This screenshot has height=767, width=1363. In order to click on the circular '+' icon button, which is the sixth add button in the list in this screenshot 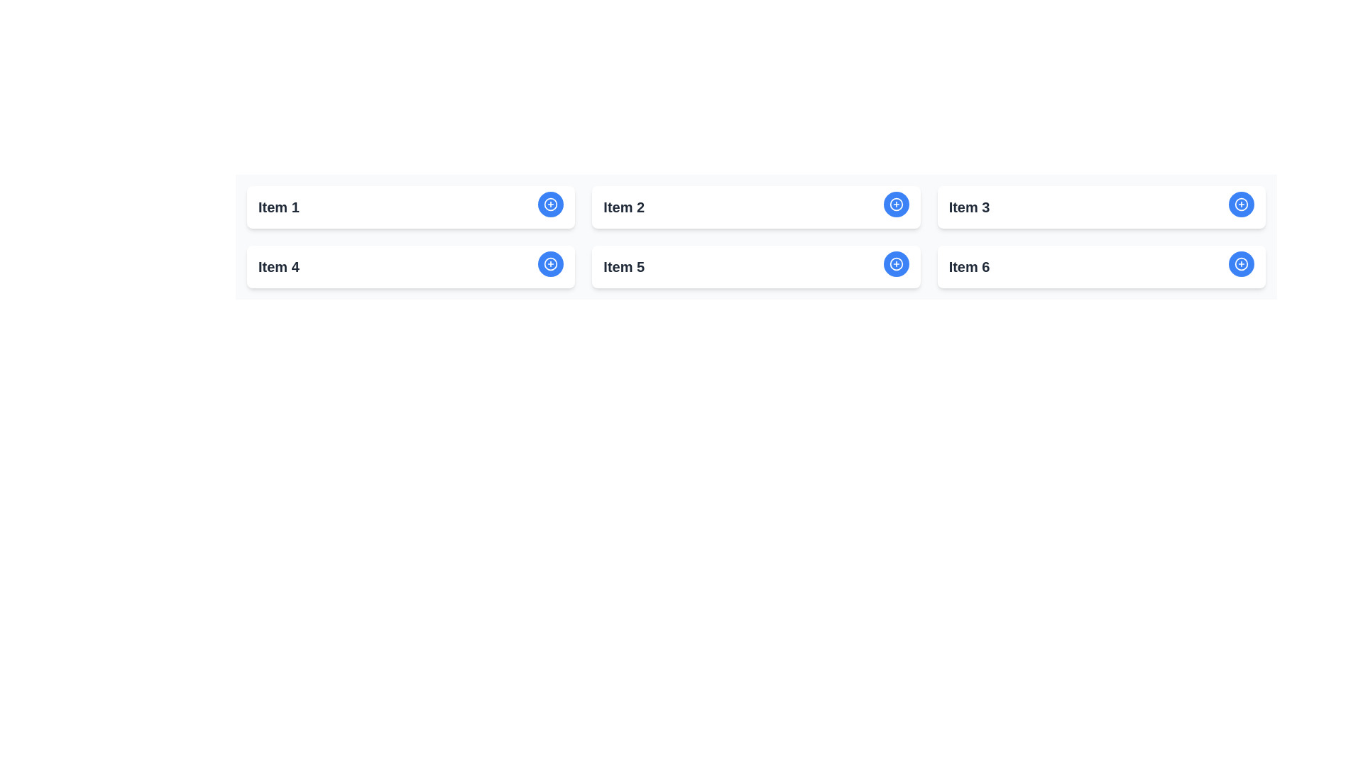, I will do `click(1240, 263)`.